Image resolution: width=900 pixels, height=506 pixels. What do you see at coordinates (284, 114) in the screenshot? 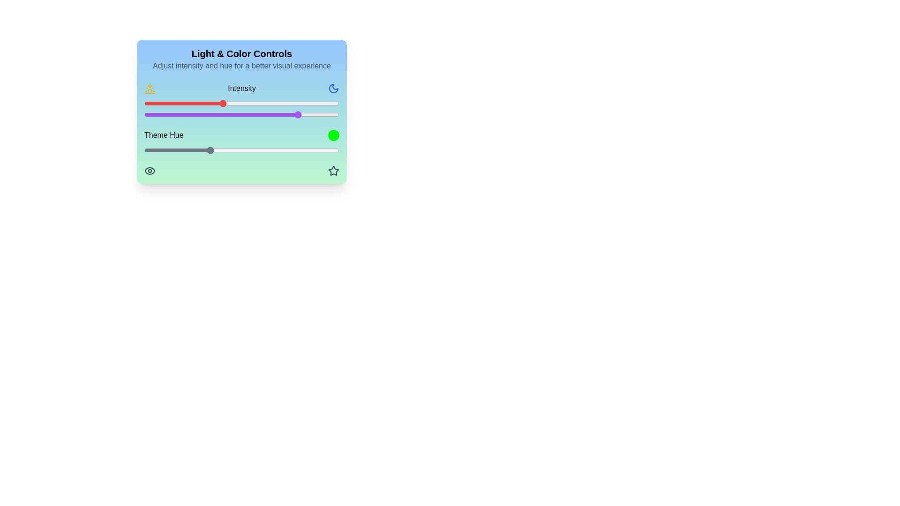
I see `the slider value` at bounding box center [284, 114].